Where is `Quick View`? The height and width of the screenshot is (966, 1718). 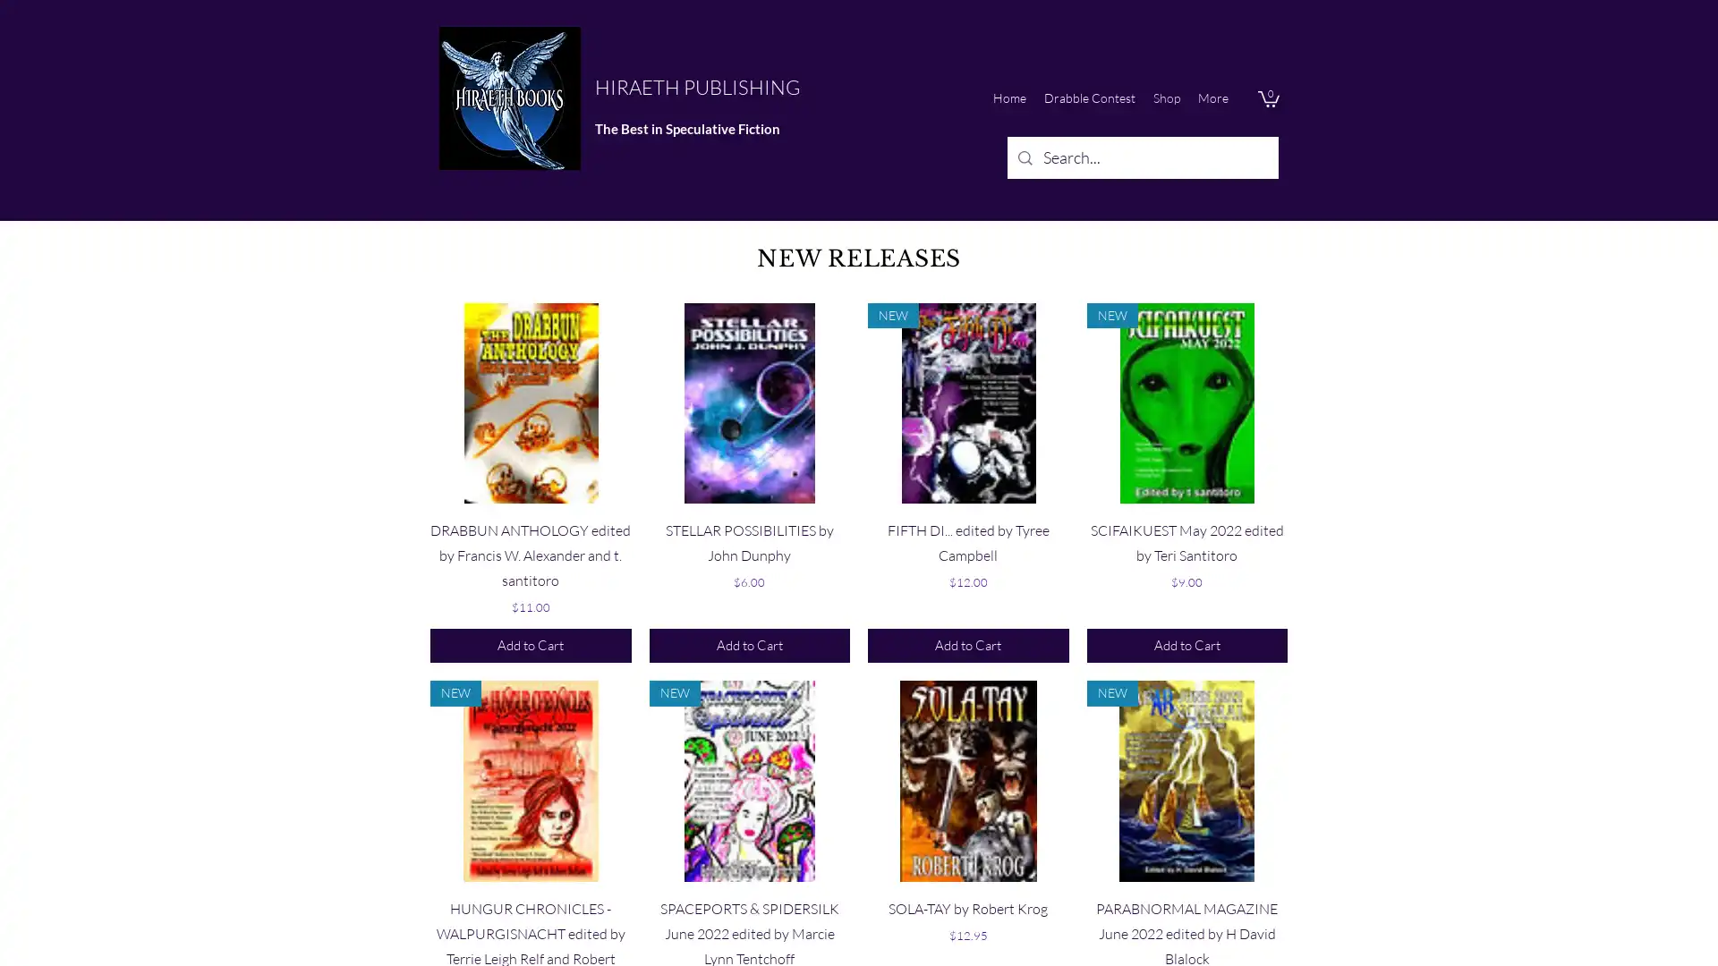
Quick View is located at coordinates (530, 903).